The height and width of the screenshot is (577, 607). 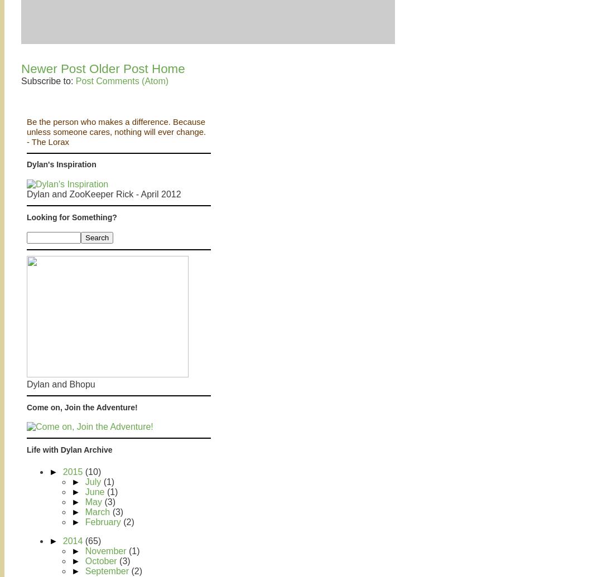 I want to click on 'Looking for Something?', so click(x=71, y=216).